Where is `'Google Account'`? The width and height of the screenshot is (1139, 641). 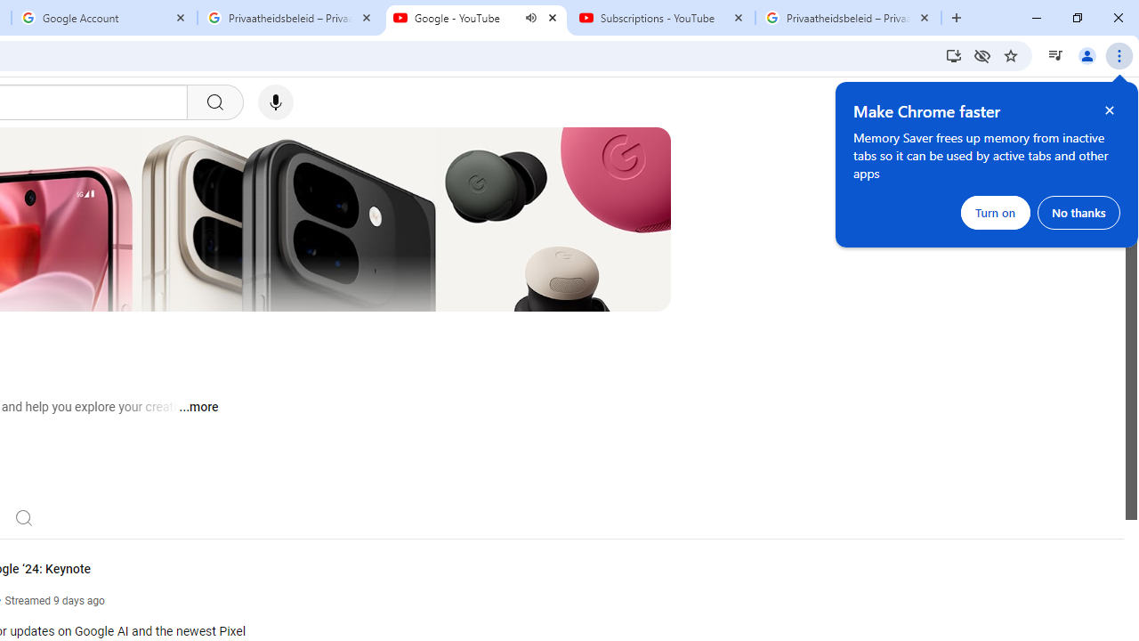
'Google Account' is located at coordinates (103, 18).